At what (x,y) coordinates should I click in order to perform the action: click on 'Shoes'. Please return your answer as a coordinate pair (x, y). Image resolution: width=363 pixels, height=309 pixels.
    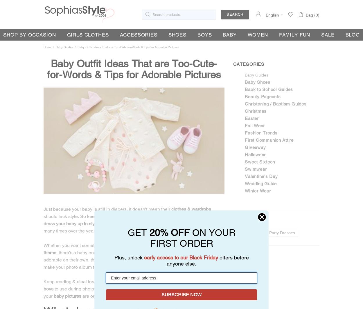
    Looking at the image, I should click on (177, 34).